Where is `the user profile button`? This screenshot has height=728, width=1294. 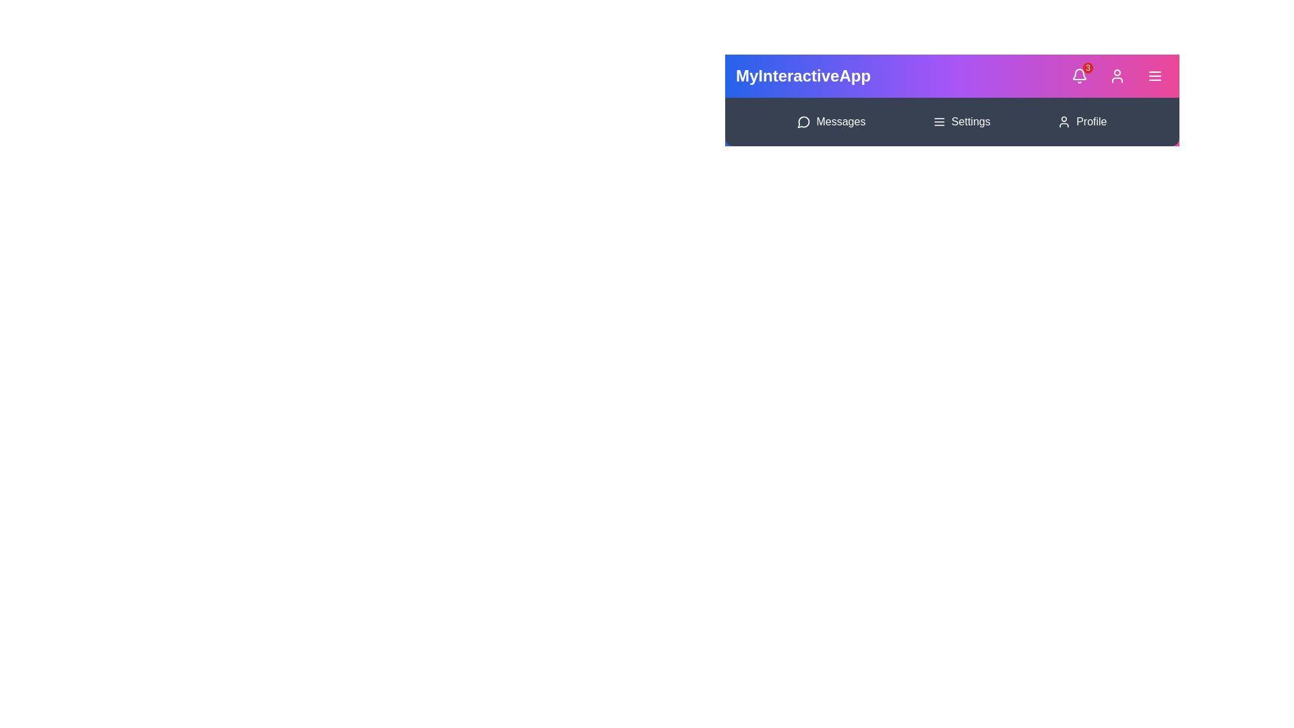
the user profile button is located at coordinates (1117, 75).